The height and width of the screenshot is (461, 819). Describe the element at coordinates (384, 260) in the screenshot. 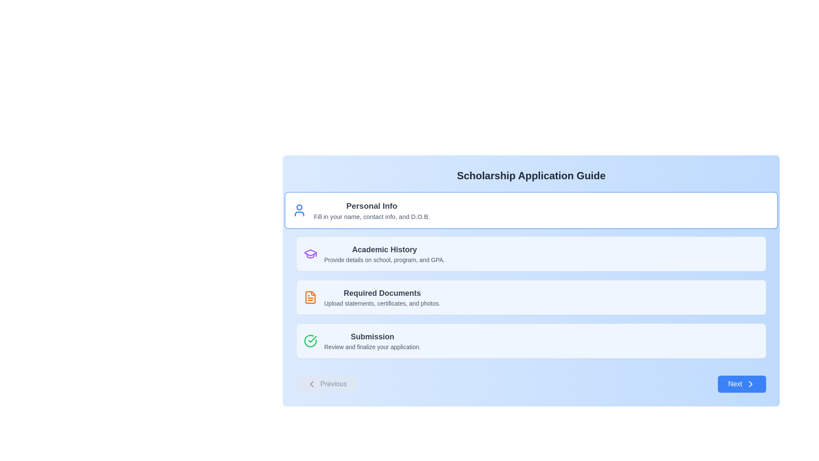

I see `the text label that reads 'Provide details on school, program, and GPA.' which is styled in gray and located directly below the heading 'Academic History'` at that location.